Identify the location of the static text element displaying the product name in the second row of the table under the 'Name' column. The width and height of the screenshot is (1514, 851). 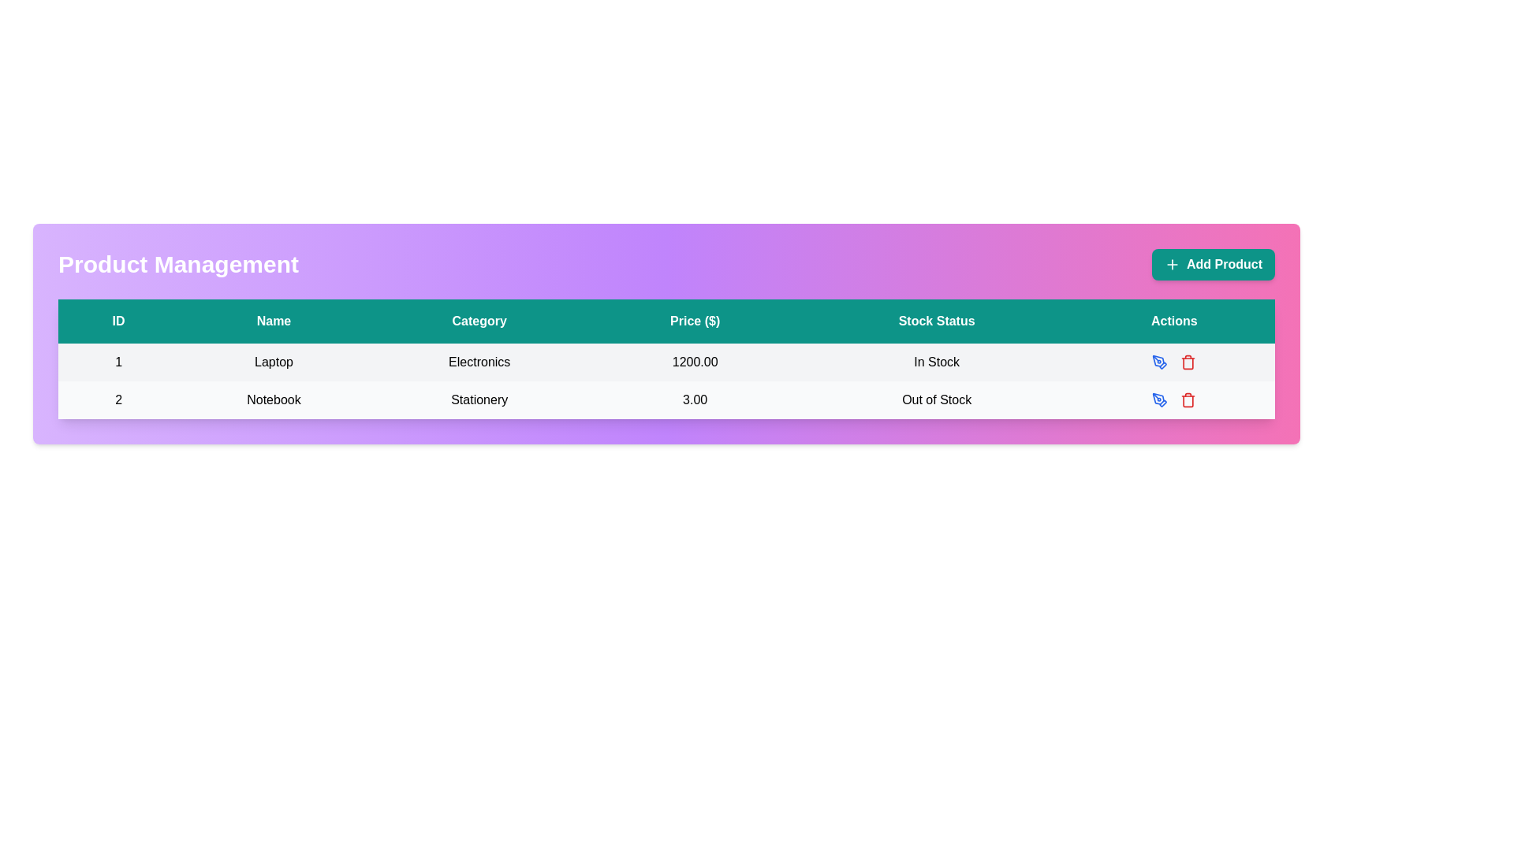
(274, 399).